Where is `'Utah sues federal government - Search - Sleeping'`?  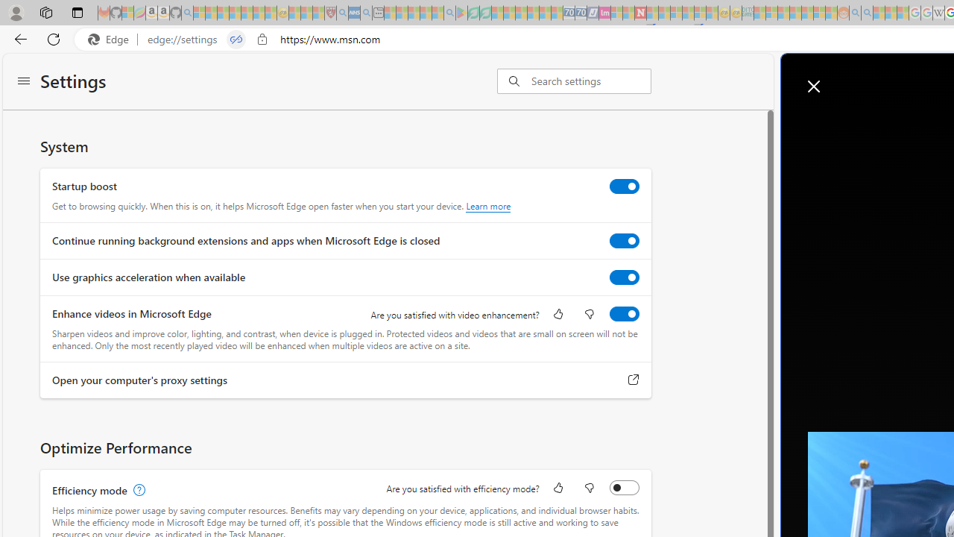 'Utah sues federal government - Search - Sleeping' is located at coordinates (867, 13).